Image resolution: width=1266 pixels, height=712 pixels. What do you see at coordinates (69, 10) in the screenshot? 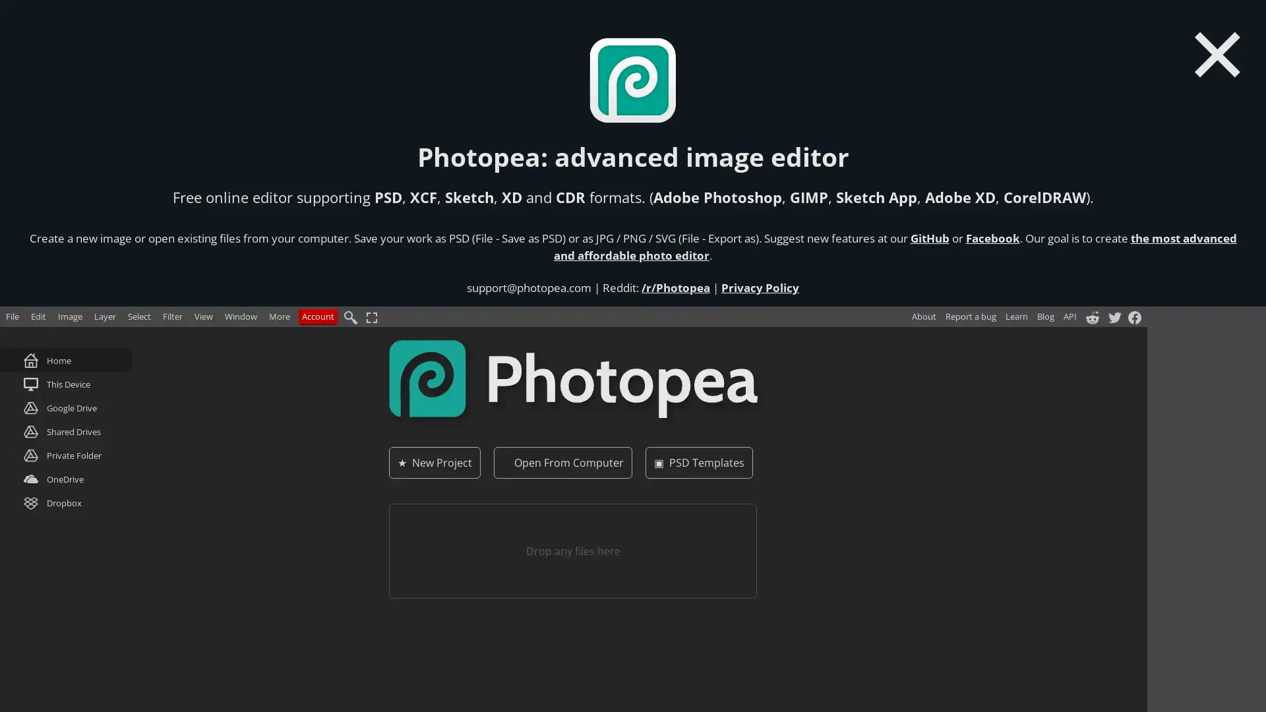
I see `Image` at bounding box center [69, 10].